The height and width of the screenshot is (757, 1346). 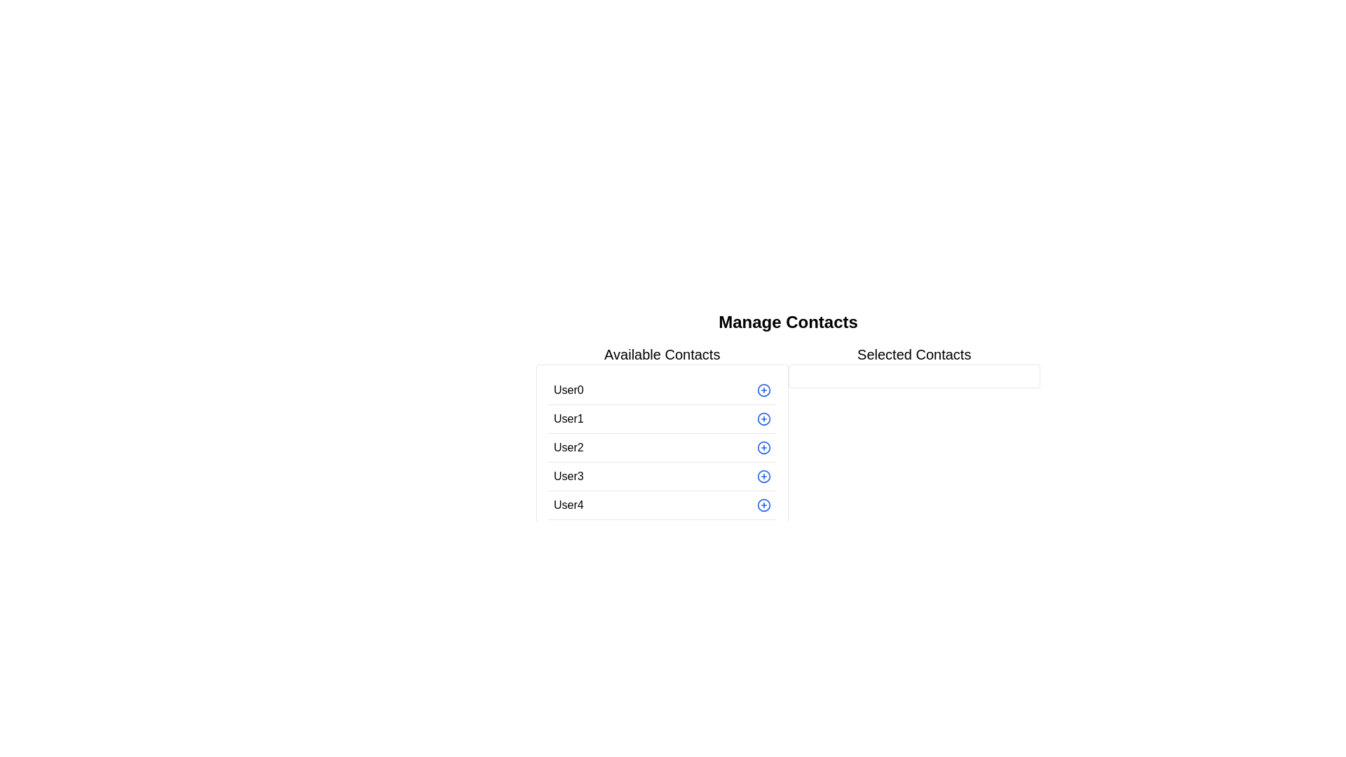 What do you see at coordinates (763, 475) in the screenshot?
I see `the blue circular button with a plus symbol, located to the right of 'User3' in the 'Available Contacts' section` at bounding box center [763, 475].